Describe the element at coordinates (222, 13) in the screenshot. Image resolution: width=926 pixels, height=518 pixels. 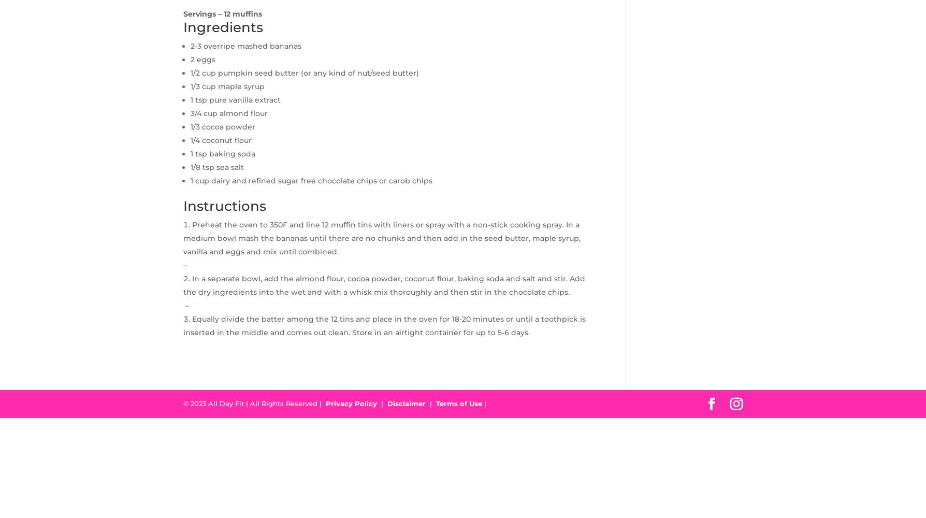
I see `'Servings – 12 muffins'` at that location.